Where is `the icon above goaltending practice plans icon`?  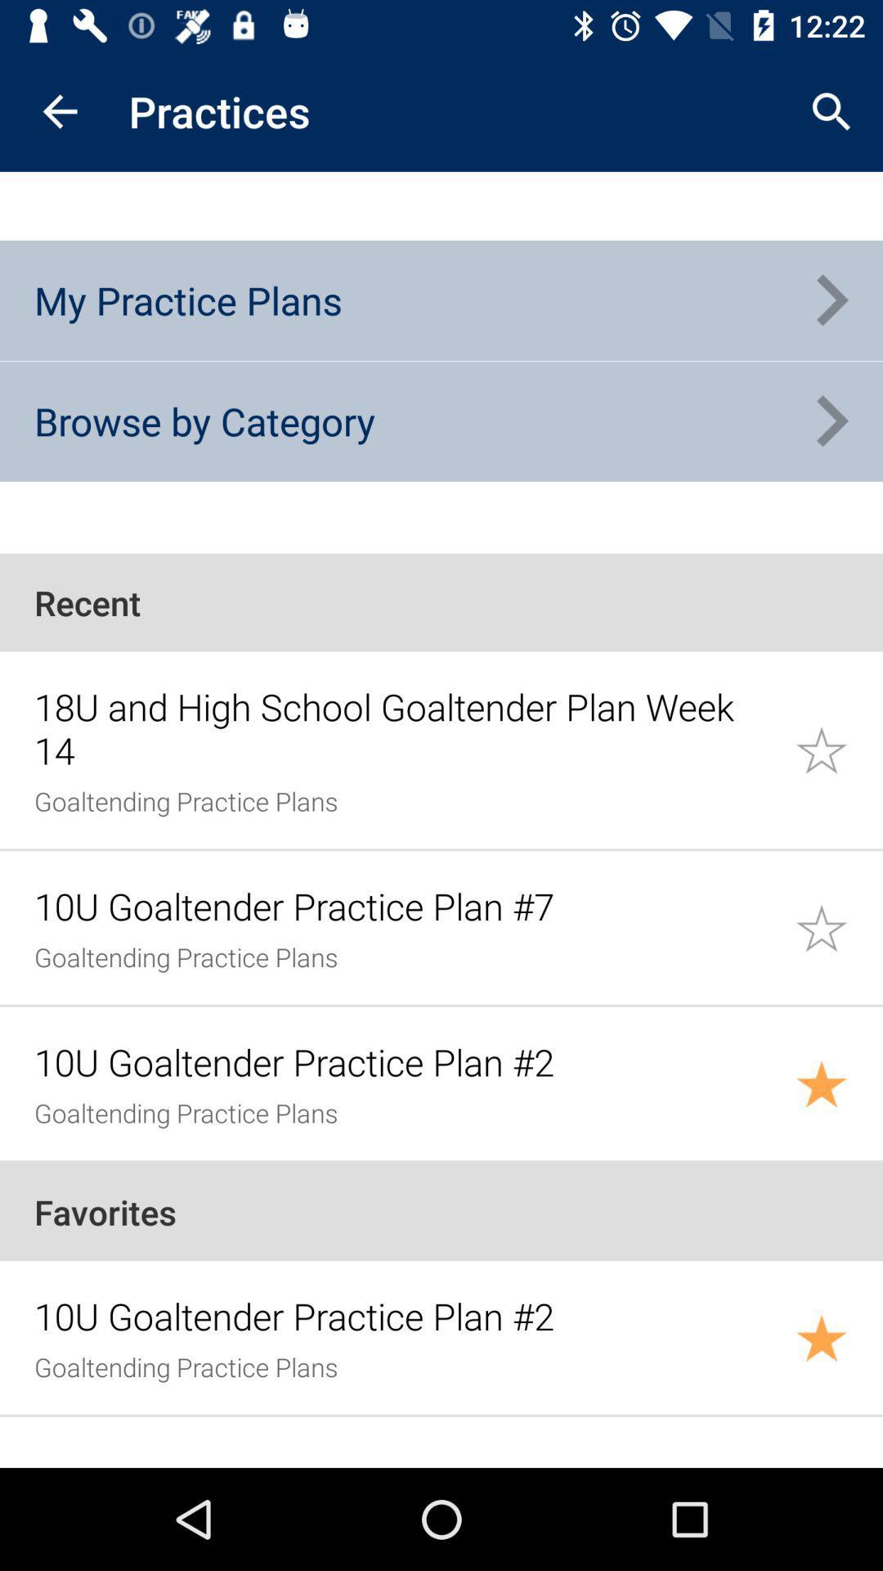
the icon above goaltending practice plans icon is located at coordinates (405, 727).